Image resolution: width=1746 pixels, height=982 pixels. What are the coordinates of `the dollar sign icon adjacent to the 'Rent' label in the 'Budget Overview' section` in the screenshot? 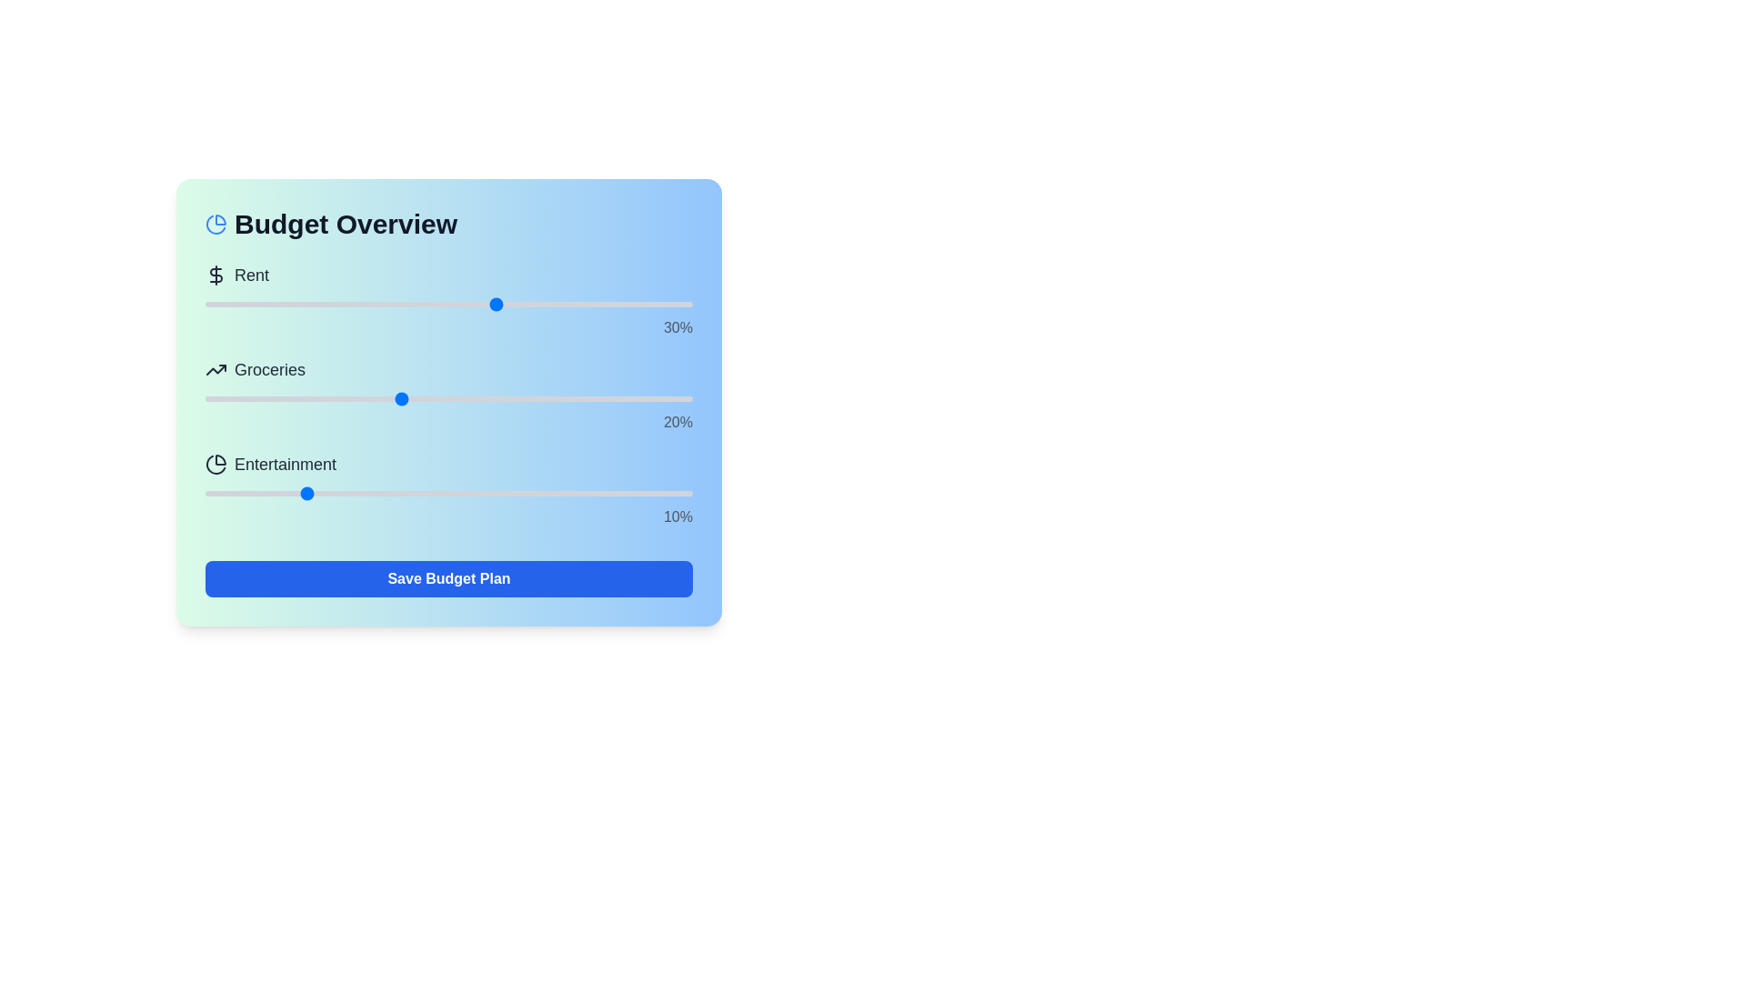 It's located at (216, 276).